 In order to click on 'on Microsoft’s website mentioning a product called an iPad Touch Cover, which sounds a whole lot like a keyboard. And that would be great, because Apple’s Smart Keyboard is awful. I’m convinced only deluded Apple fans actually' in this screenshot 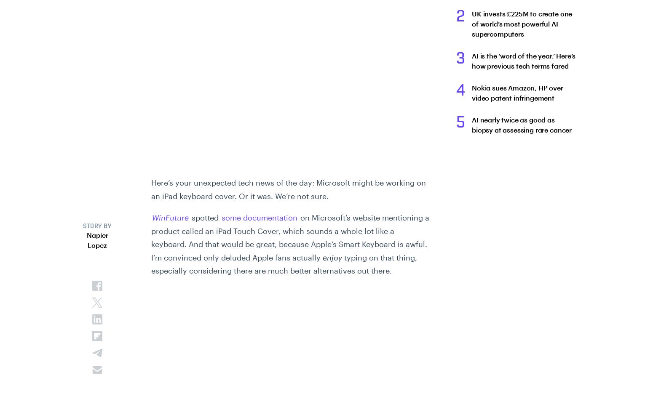, I will do `click(289, 237)`.